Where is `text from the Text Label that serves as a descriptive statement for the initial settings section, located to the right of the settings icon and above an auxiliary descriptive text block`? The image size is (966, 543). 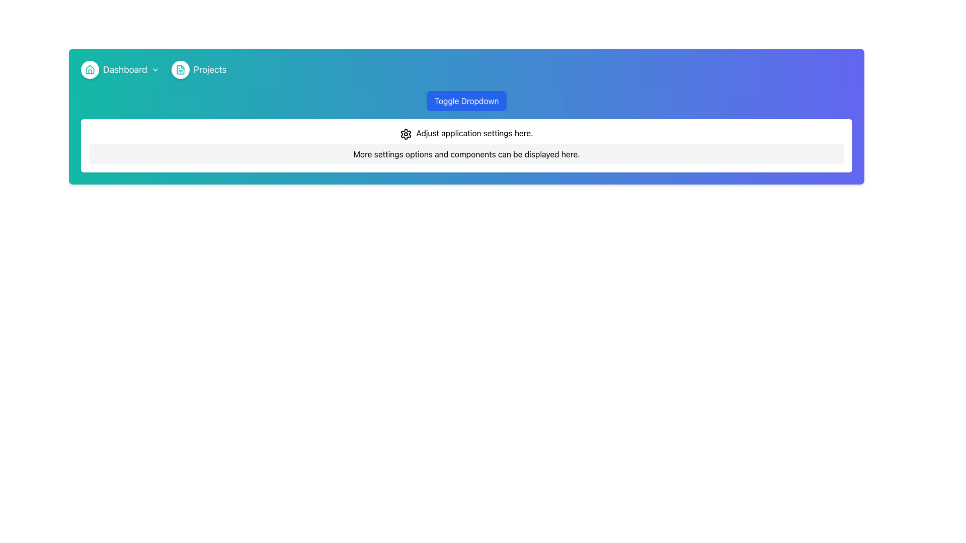 text from the Text Label that serves as a descriptive statement for the initial settings section, located to the right of the settings icon and above an auxiliary descriptive text block is located at coordinates (474, 133).